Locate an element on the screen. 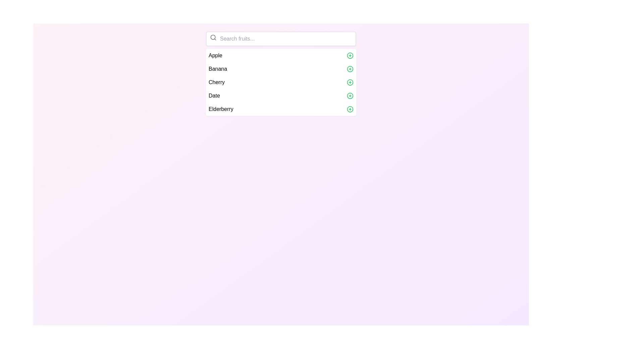 Image resolution: width=644 pixels, height=362 pixels. the list item displaying 'Banana', which is the second item in a vertical list is located at coordinates (281, 69).